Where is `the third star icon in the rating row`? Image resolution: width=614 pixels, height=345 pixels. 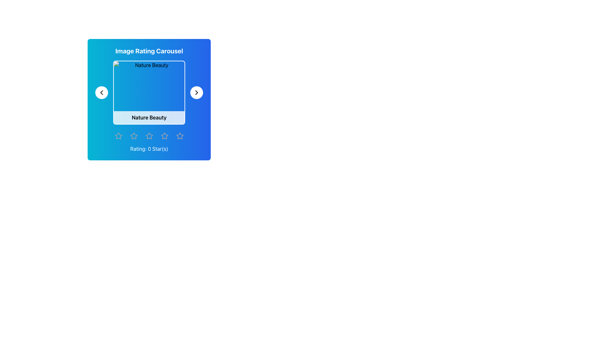 the third star icon in the rating row is located at coordinates (149, 135).